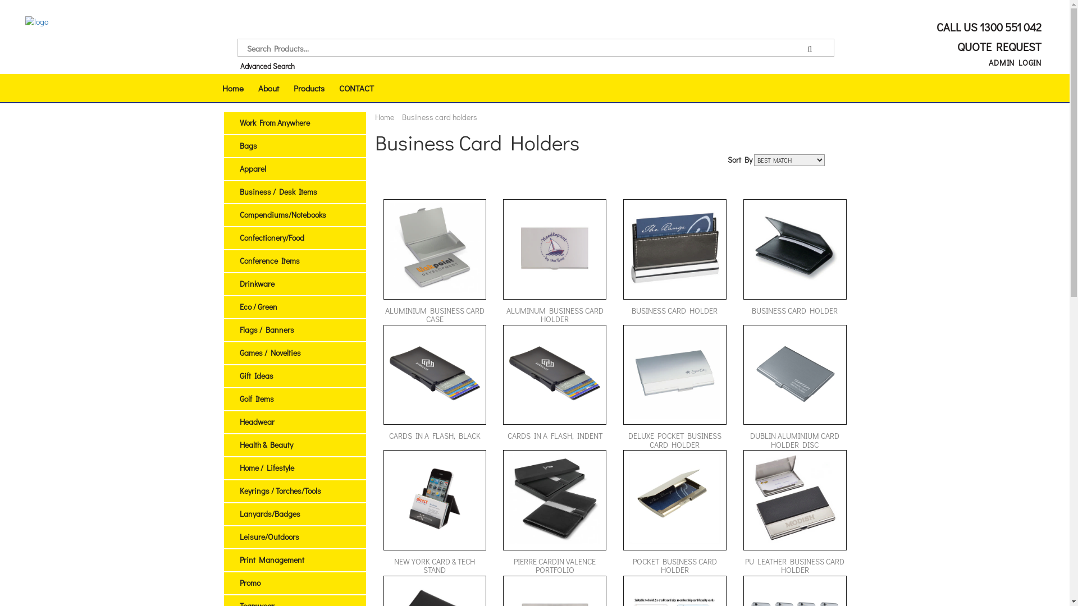 This screenshot has height=606, width=1078. What do you see at coordinates (274, 122) in the screenshot?
I see `'Work From Anywhere'` at bounding box center [274, 122].